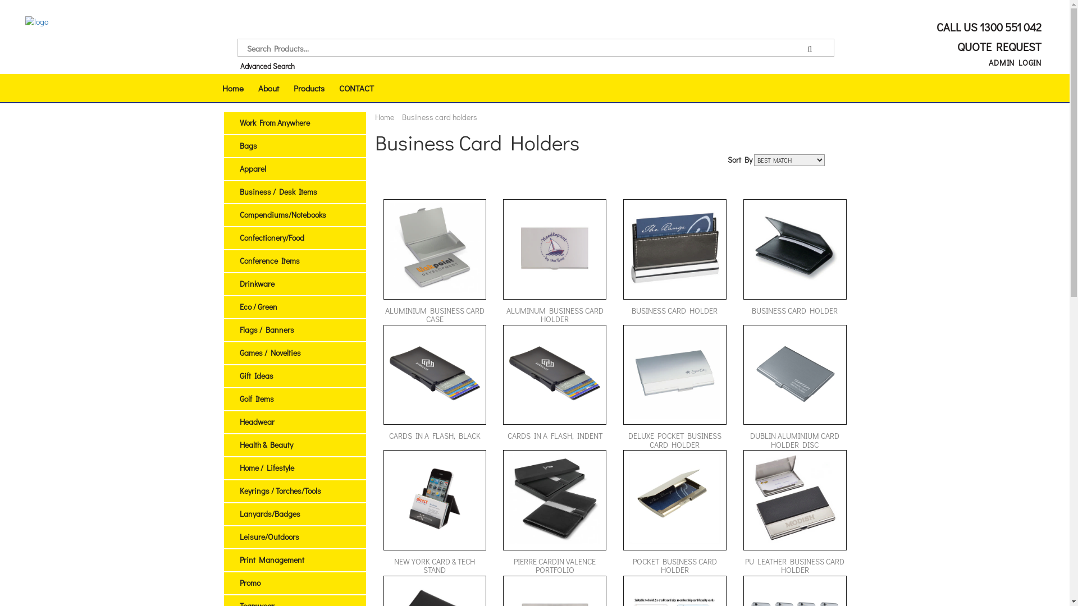 This screenshot has height=606, width=1078. What do you see at coordinates (274, 122) in the screenshot?
I see `'Work From Anywhere'` at bounding box center [274, 122].